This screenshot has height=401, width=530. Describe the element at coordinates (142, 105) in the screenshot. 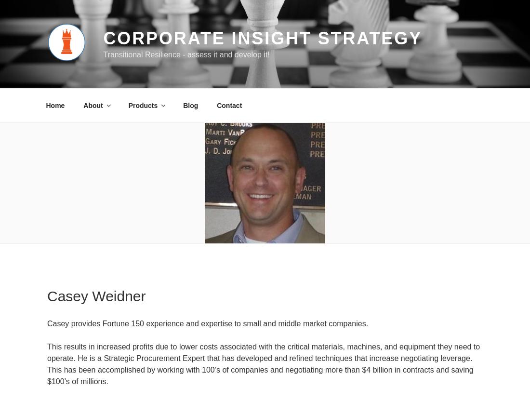

I see `'Products'` at that location.